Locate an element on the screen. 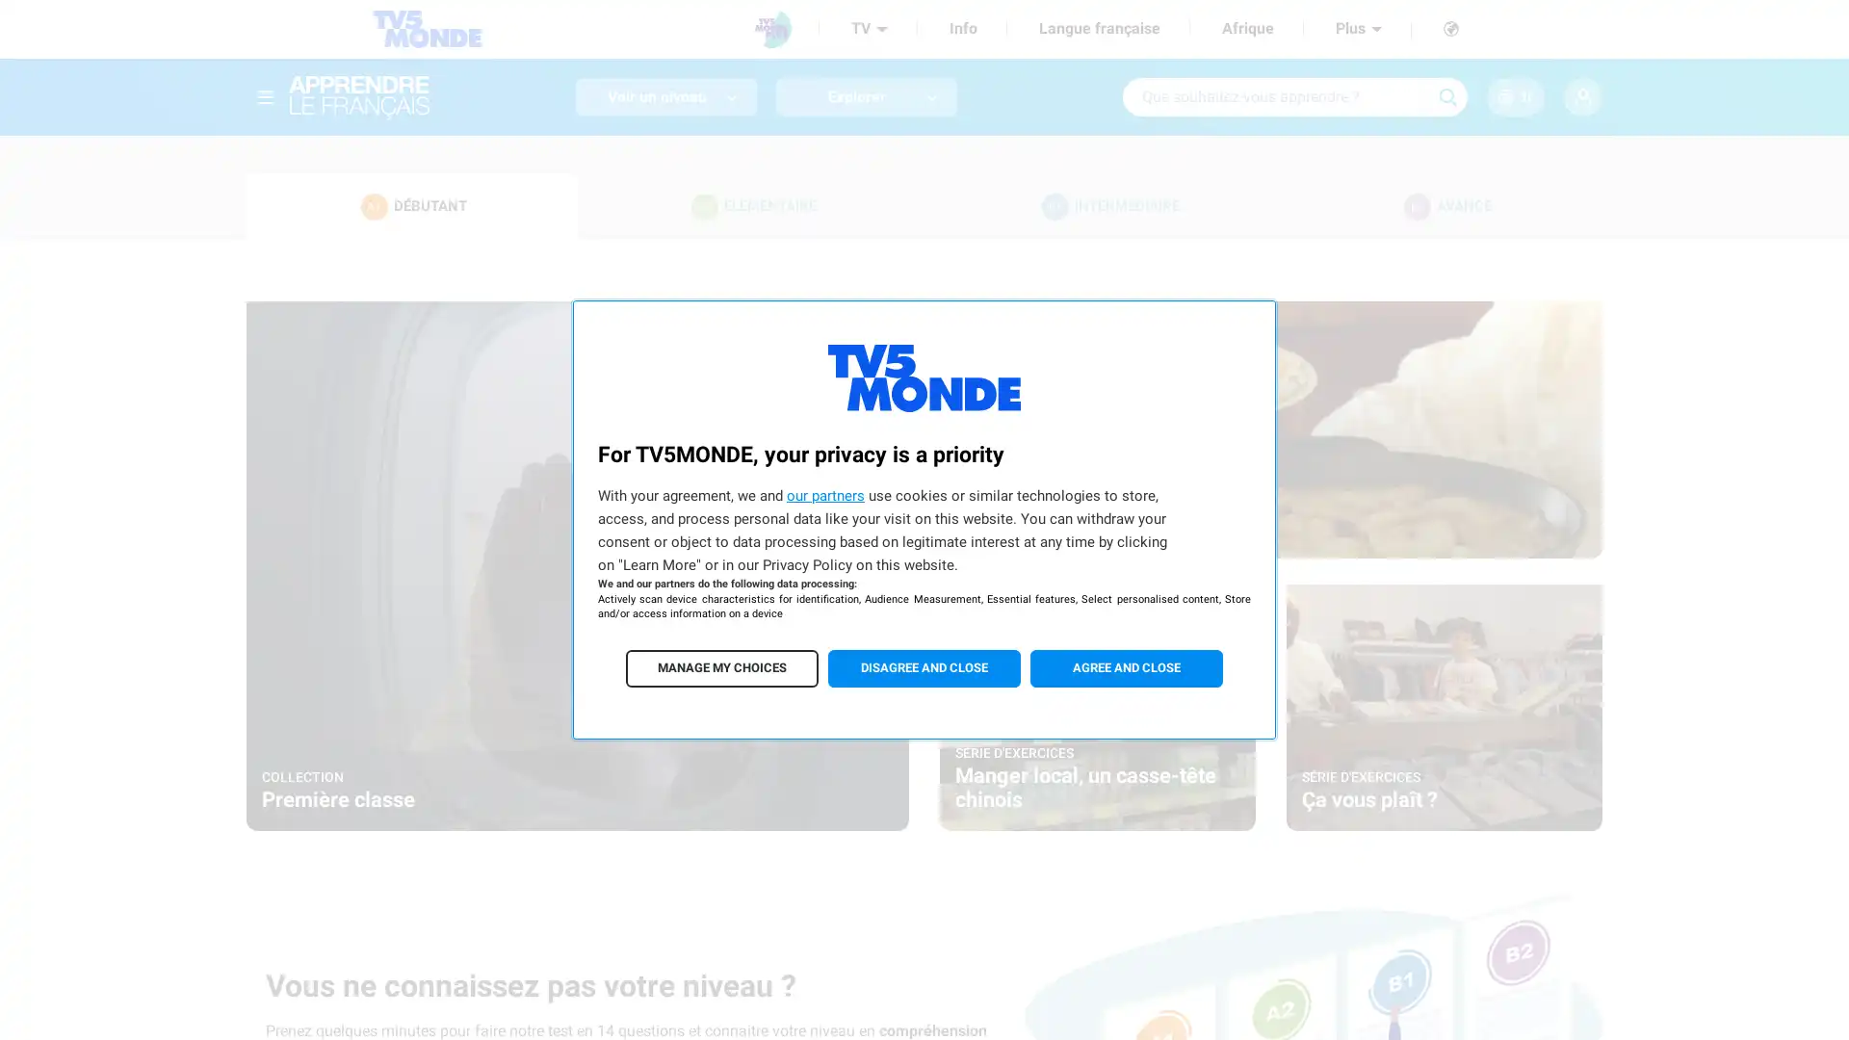 The image size is (1849, 1040). Disagree to our data processing and close is located at coordinates (924, 667).